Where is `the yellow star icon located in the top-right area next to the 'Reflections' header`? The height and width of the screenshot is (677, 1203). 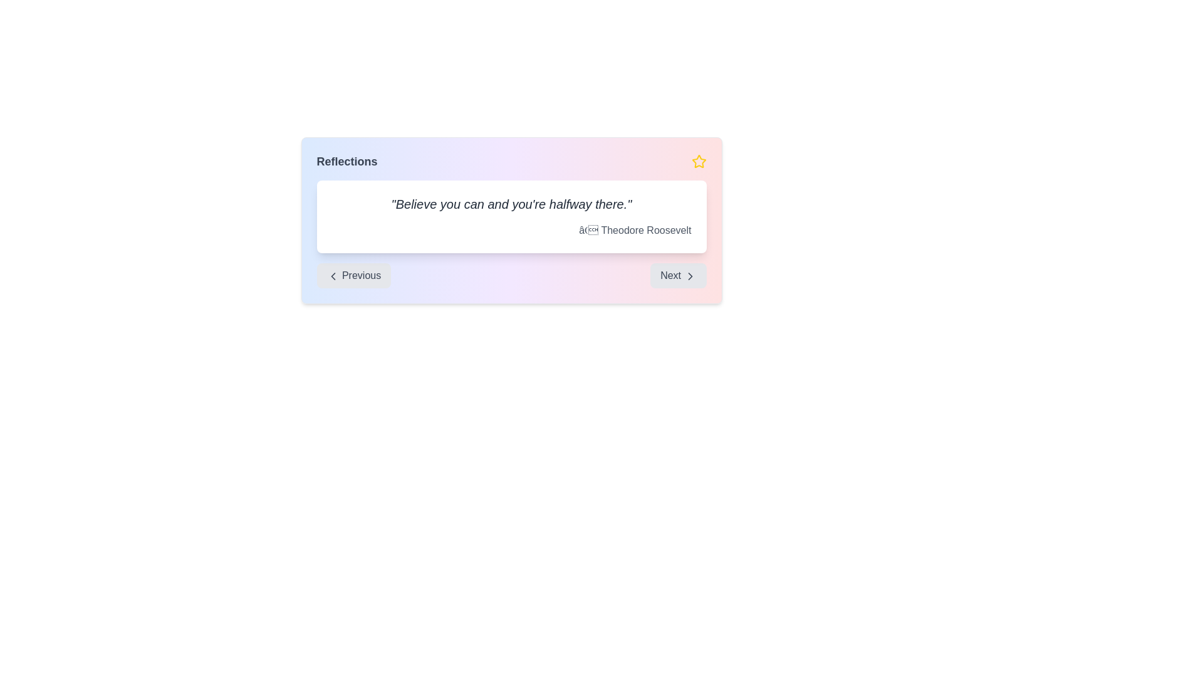
the yellow star icon located in the top-right area next to the 'Reflections' header is located at coordinates (698, 161).